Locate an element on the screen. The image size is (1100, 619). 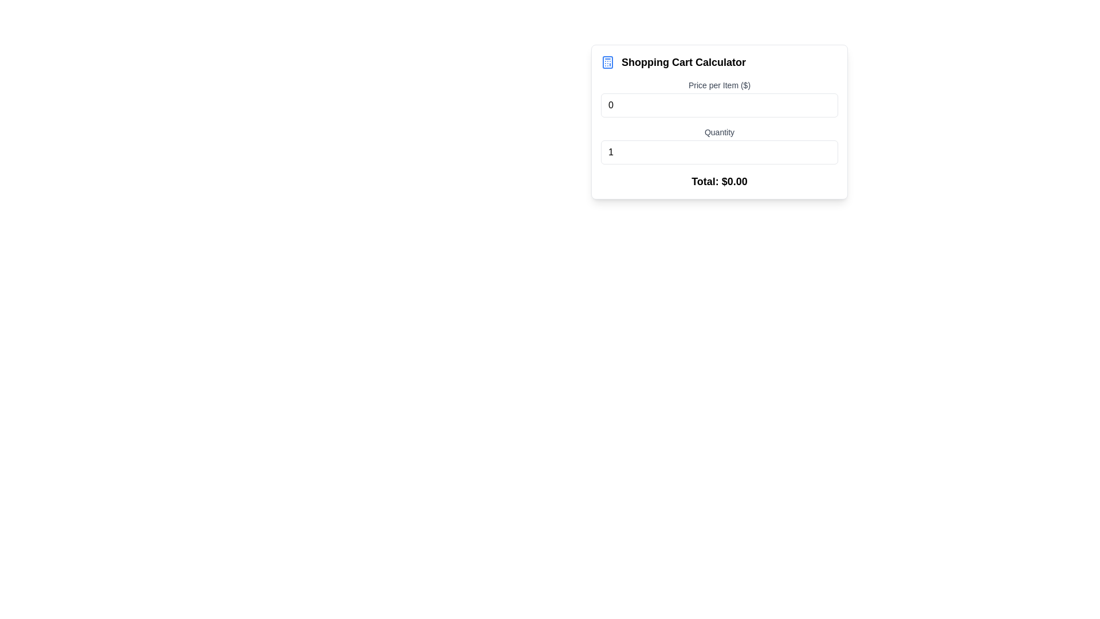
the design of the calculator icon located at the leftmost side of the header bar of the 'Shopping Cart Calculator' panel is located at coordinates (607, 62).